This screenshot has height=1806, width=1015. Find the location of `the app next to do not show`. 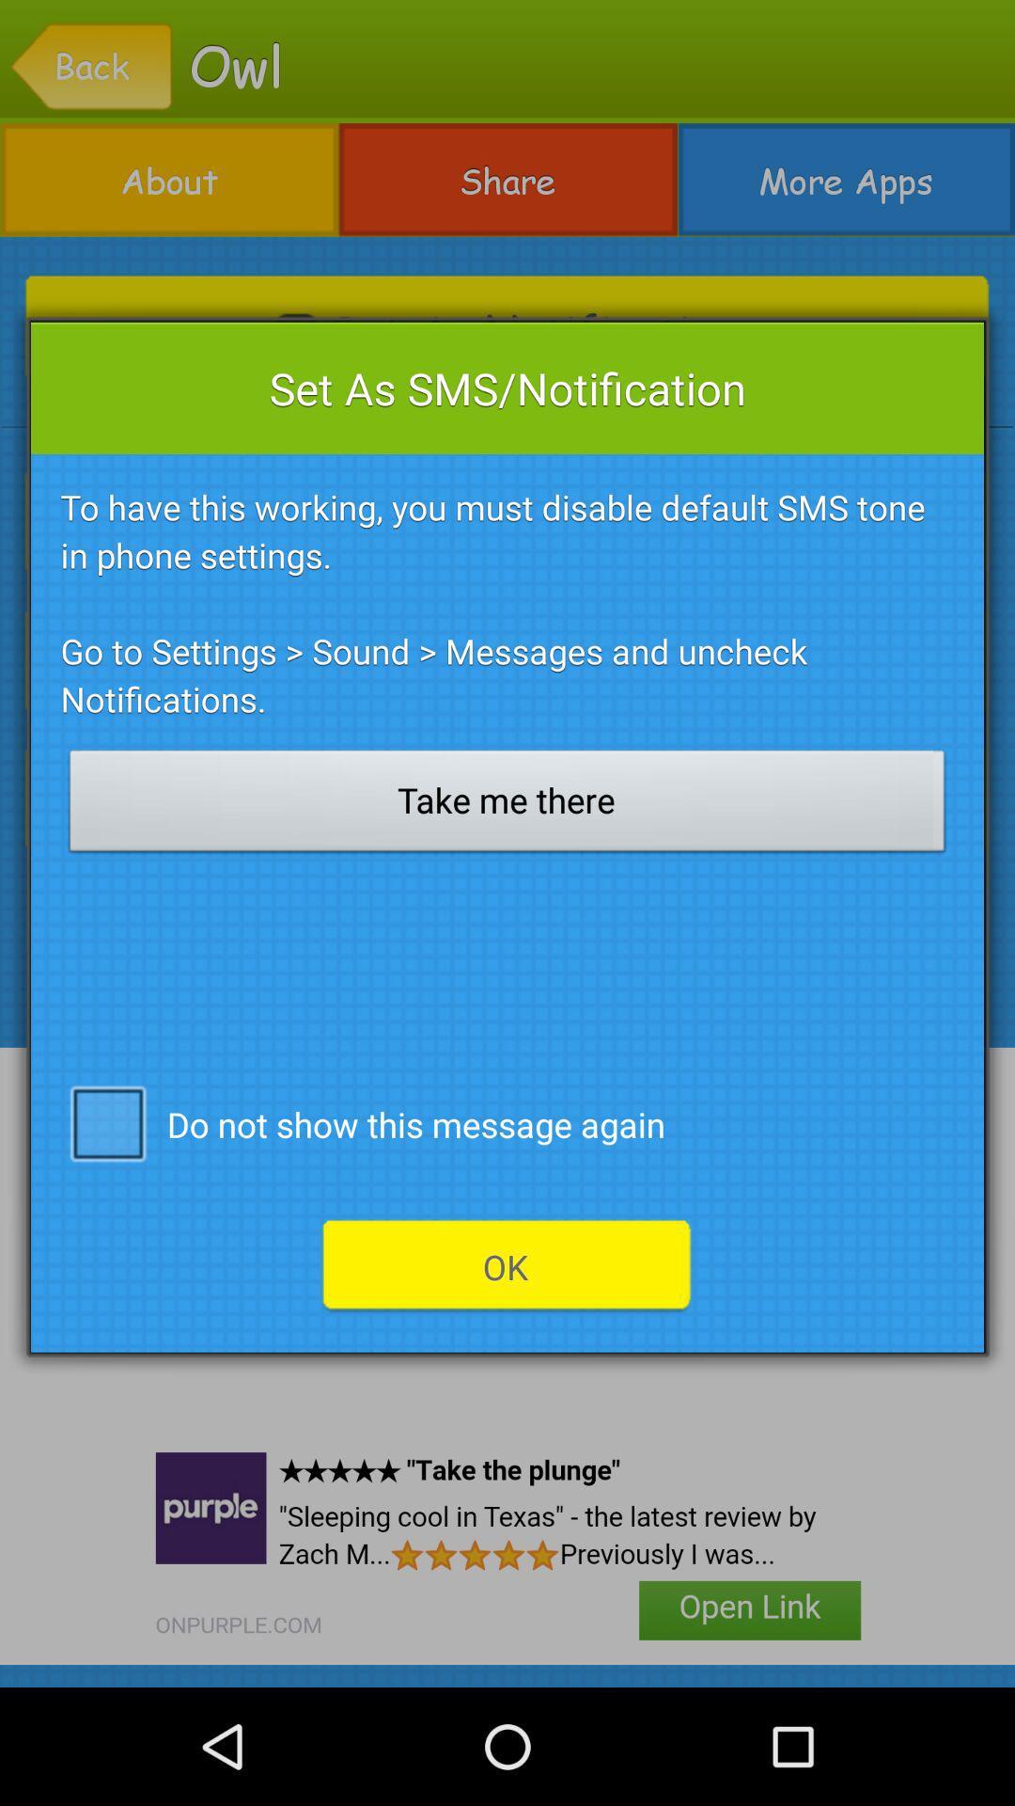

the app next to do not show is located at coordinates (107, 1122).